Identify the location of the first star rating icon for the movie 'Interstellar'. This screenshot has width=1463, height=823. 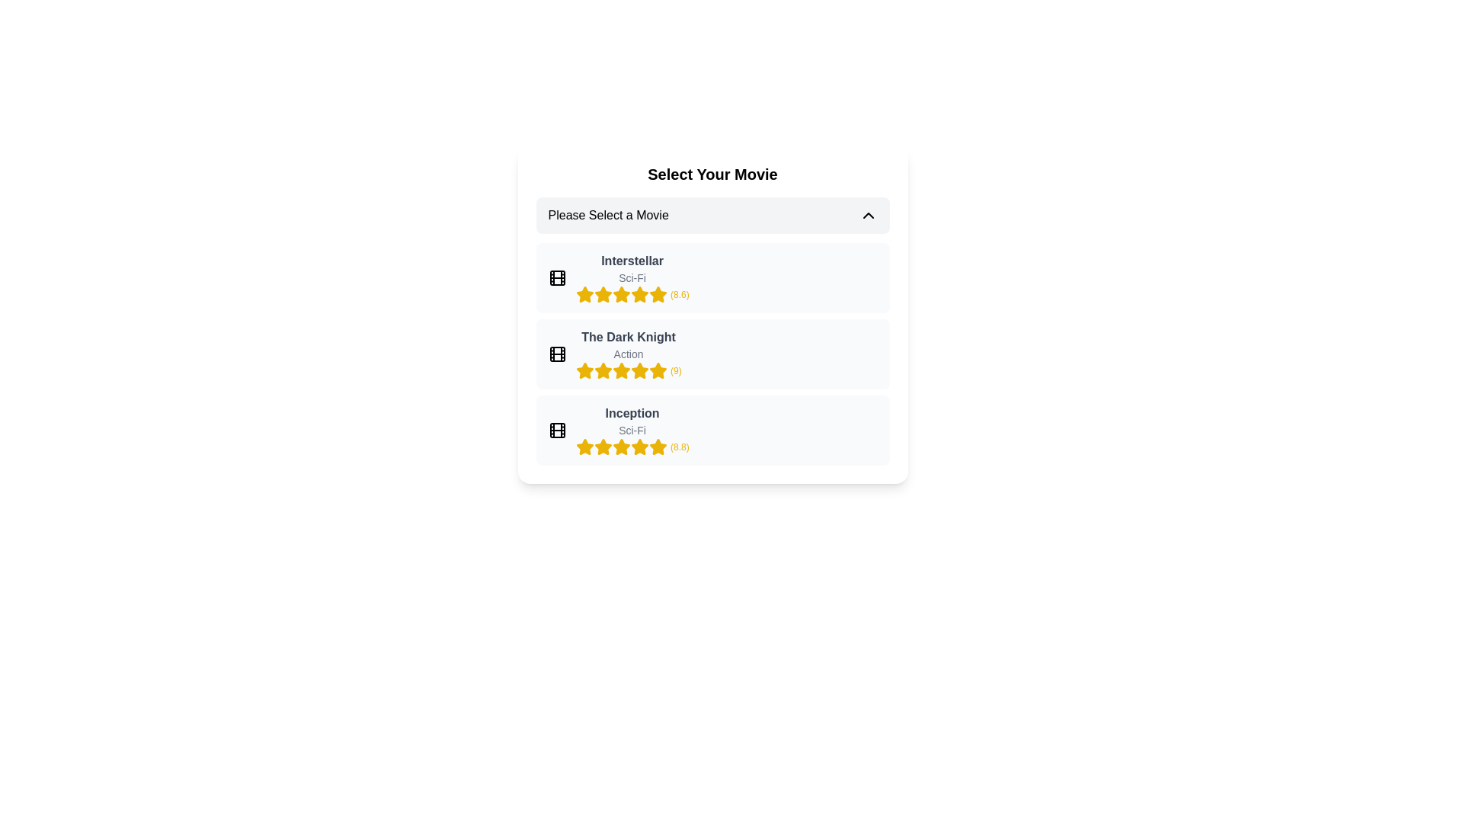
(584, 294).